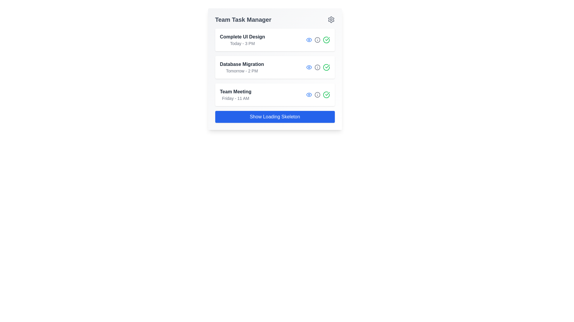 Image resolution: width=574 pixels, height=322 pixels. I want to click on the green circular icon with a checkmark to mark the 'Database Migration' task as complete, so click(326, 67).